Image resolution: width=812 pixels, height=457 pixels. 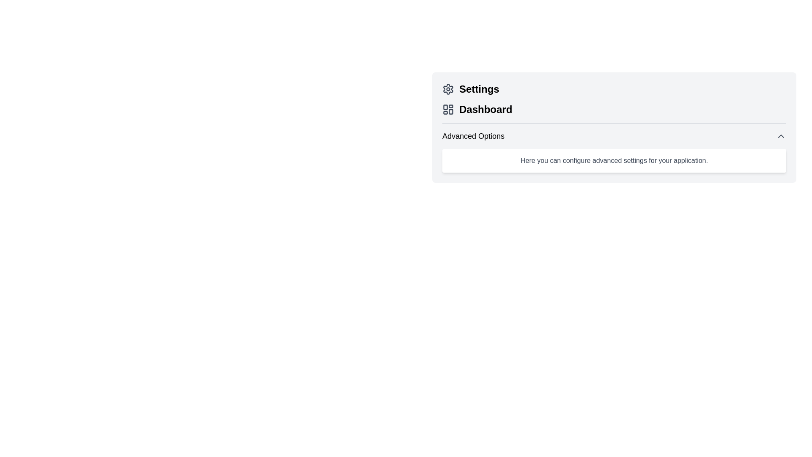 What do you see at coordinates (614, 161) in the screenshot?
I see `the Informational Text Block located in the 'Advanced Options' section of the settings panel, positioned directly below the 'Advanced Options' text` at bounding box center [614, 161].